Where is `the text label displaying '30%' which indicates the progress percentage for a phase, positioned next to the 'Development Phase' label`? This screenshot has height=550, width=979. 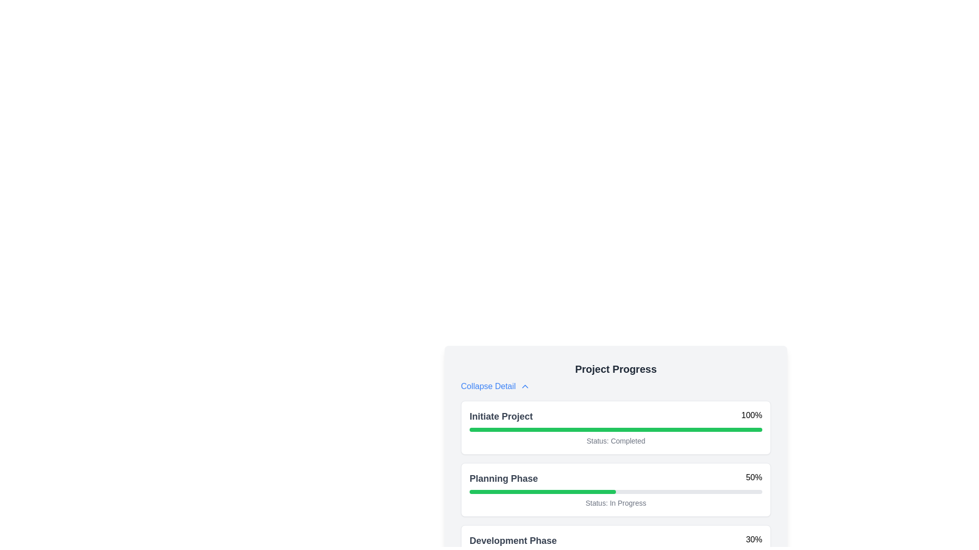 the text label displaying '30%' which indicates the progress percentage for a phase, positioned next to the 'Development Phase' label is located at coordinates (754, 540).